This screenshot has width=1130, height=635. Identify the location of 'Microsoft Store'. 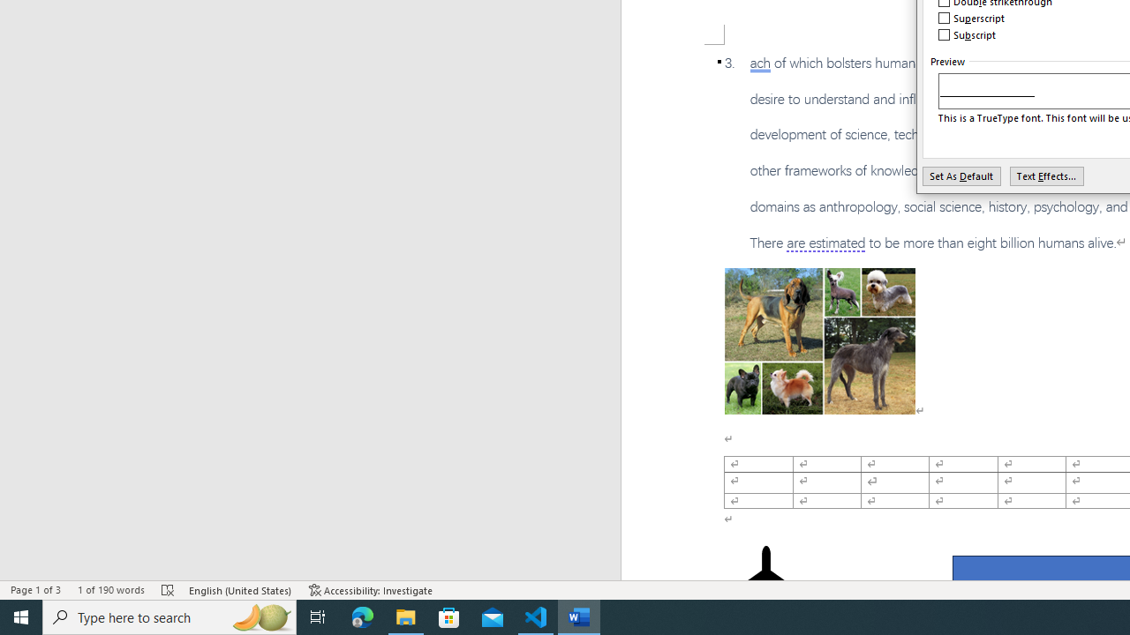
(449, 616).